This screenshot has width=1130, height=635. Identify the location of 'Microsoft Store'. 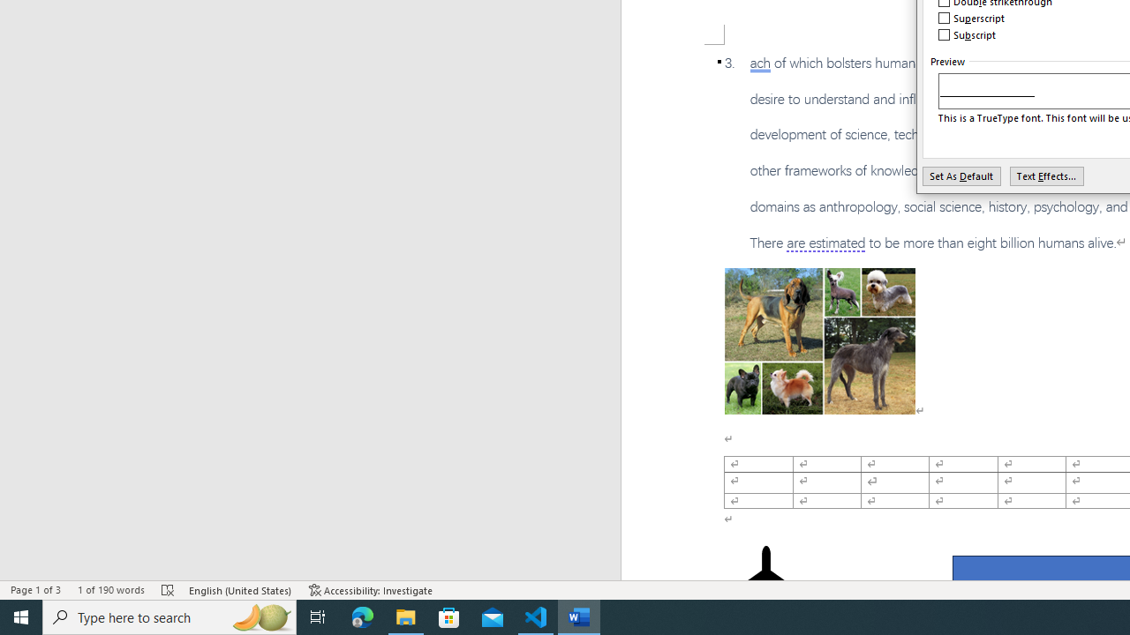
(449, 616).